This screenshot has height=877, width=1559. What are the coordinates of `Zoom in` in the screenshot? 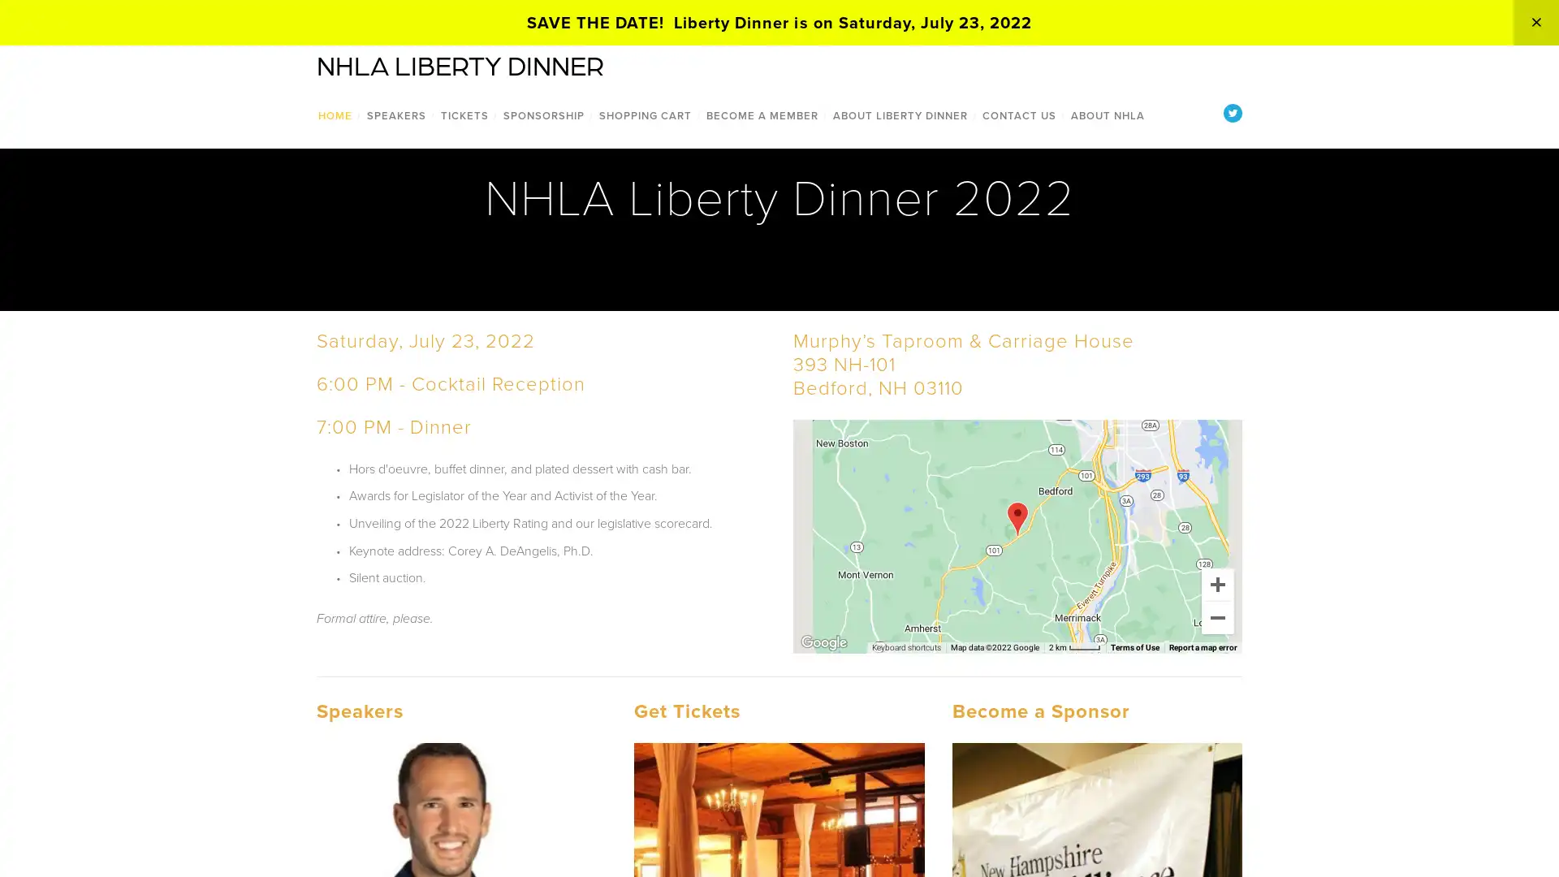 It's located at (1217, 582).